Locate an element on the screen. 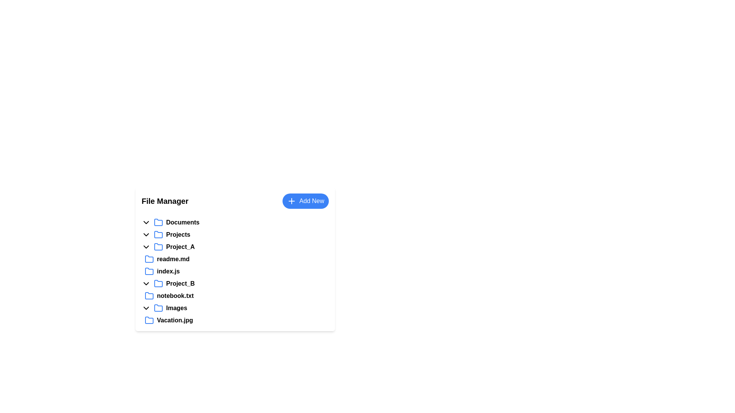  the folder icon located next to the 'Projects' label is located at coordinates (158, 234).